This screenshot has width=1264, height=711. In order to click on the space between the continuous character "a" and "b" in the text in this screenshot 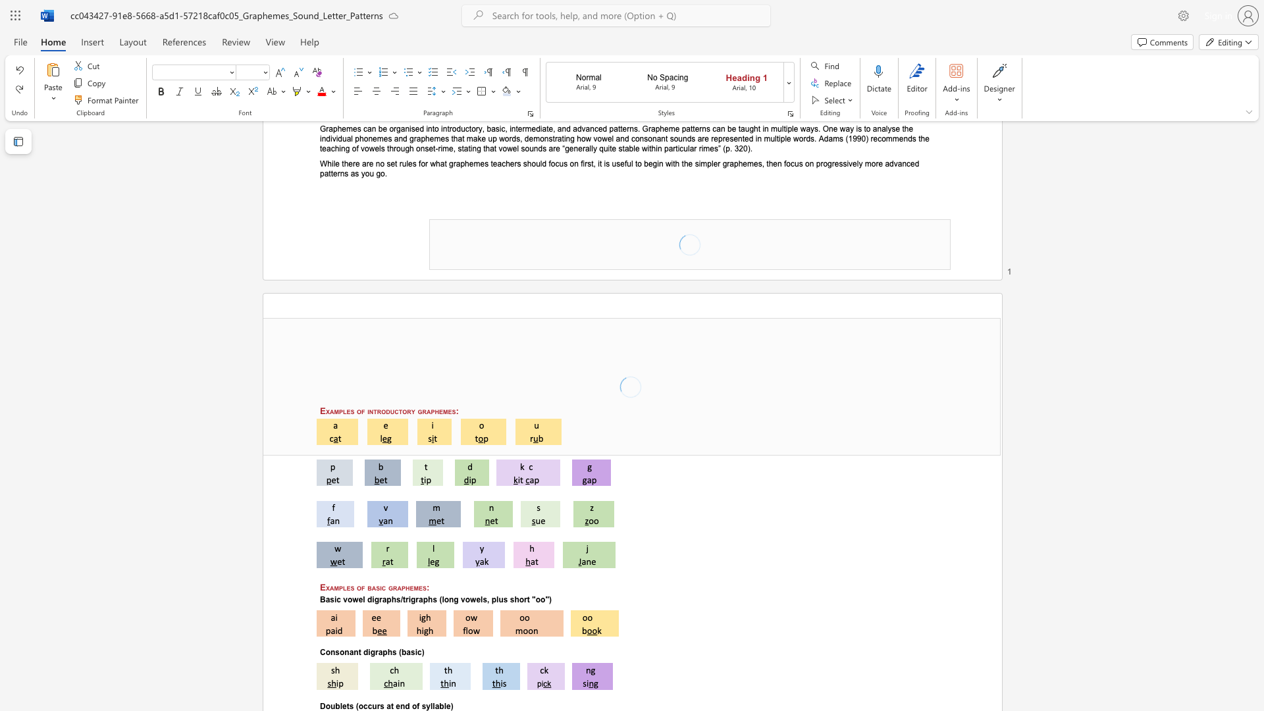, I will do `click(439, 705)`.